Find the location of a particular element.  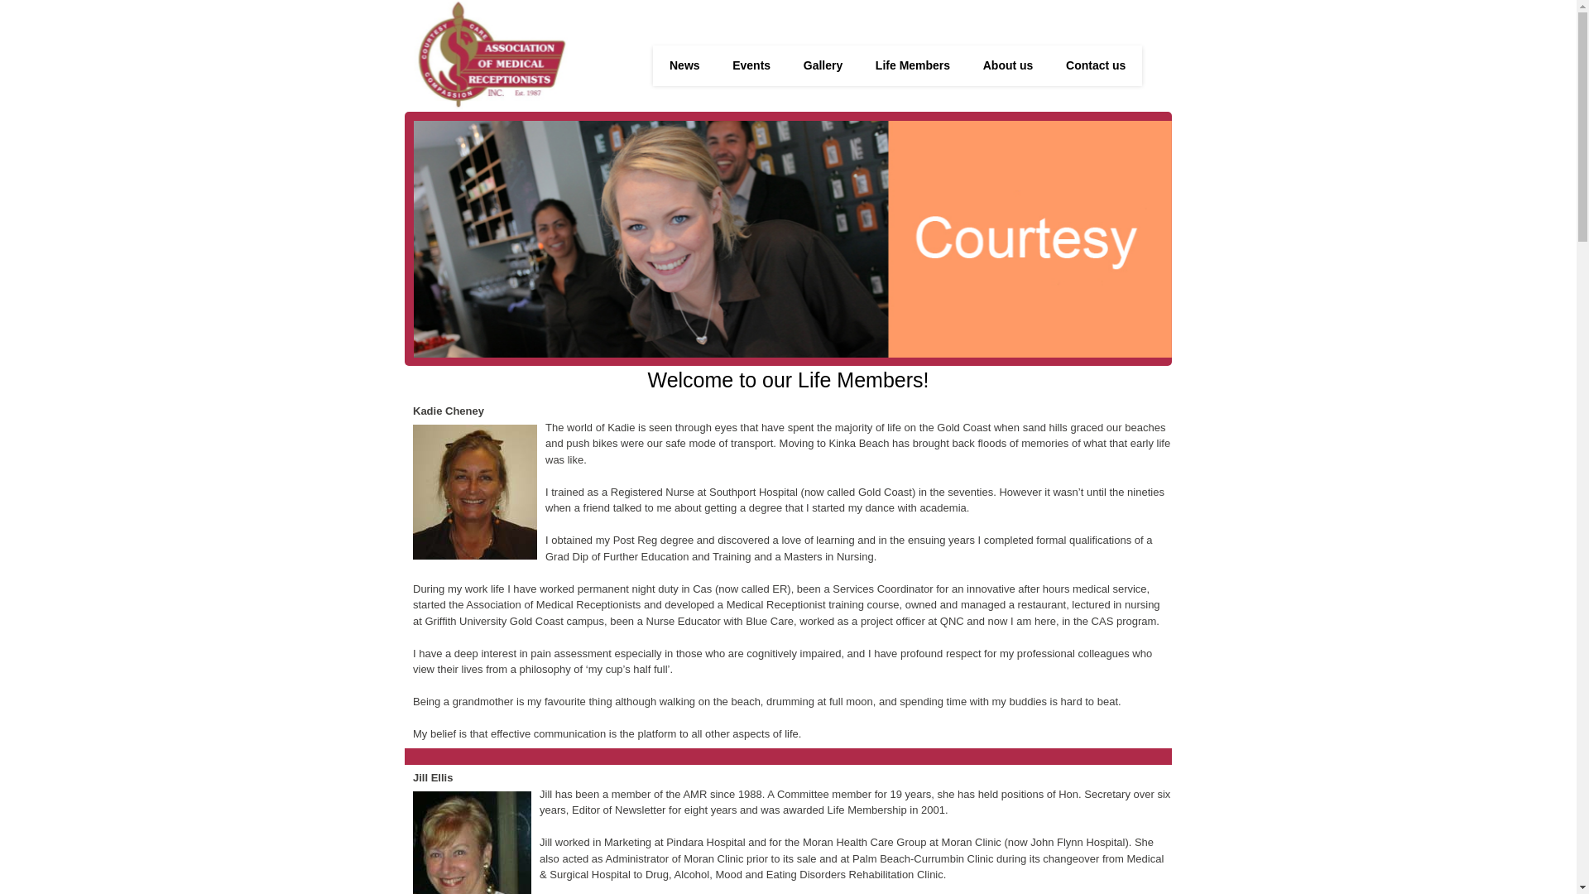

'Contact us' is located at coordinates (1093, 65).